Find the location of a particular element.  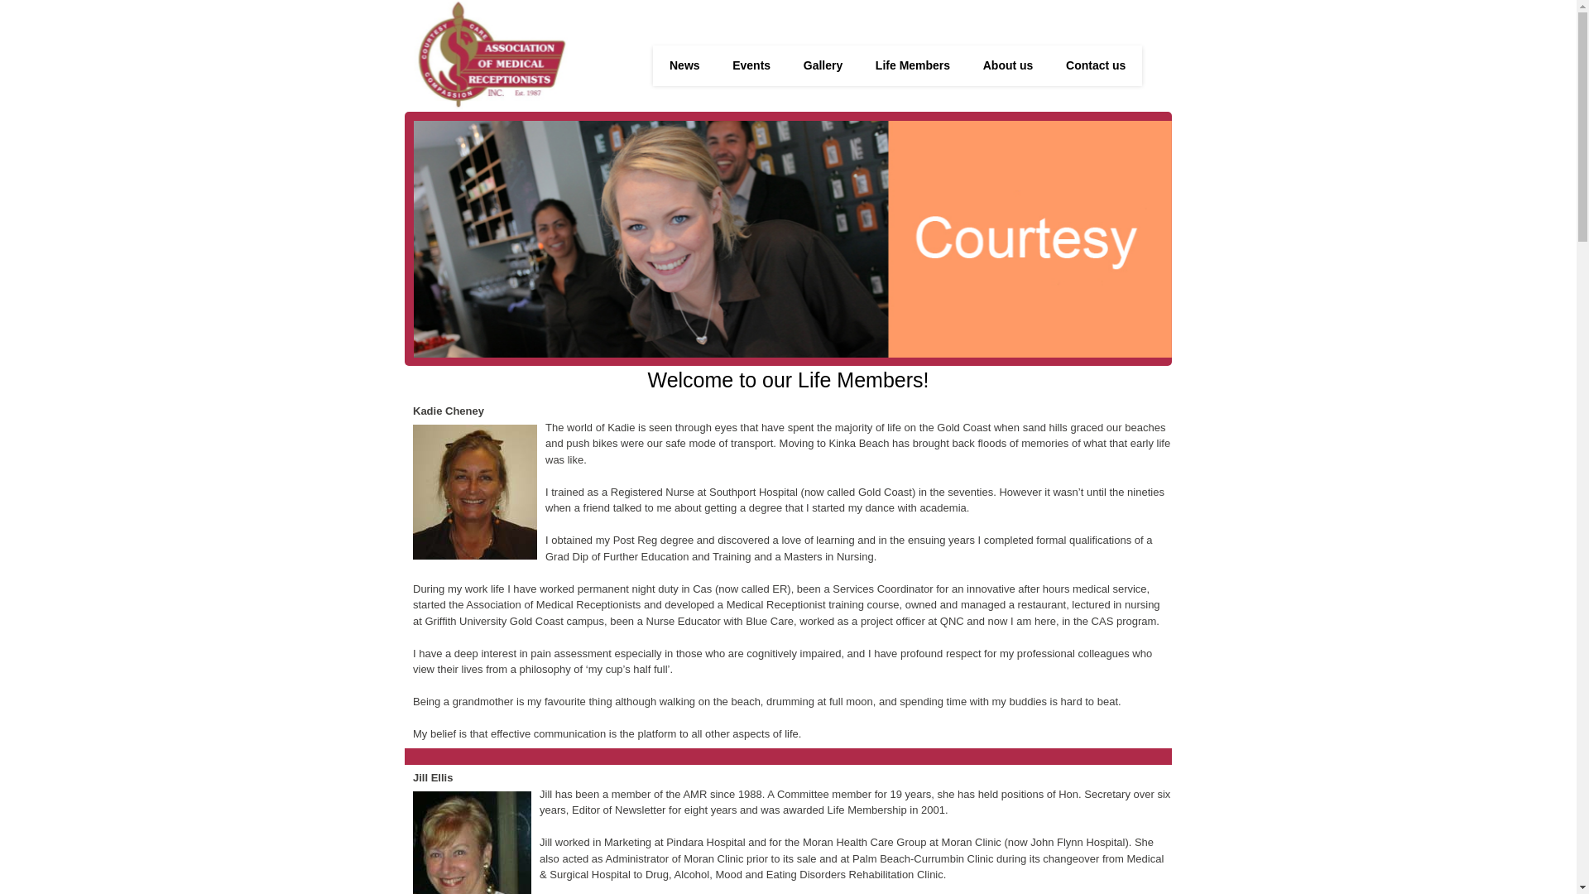

'Contact us' is located at coordinates (1093, 65).